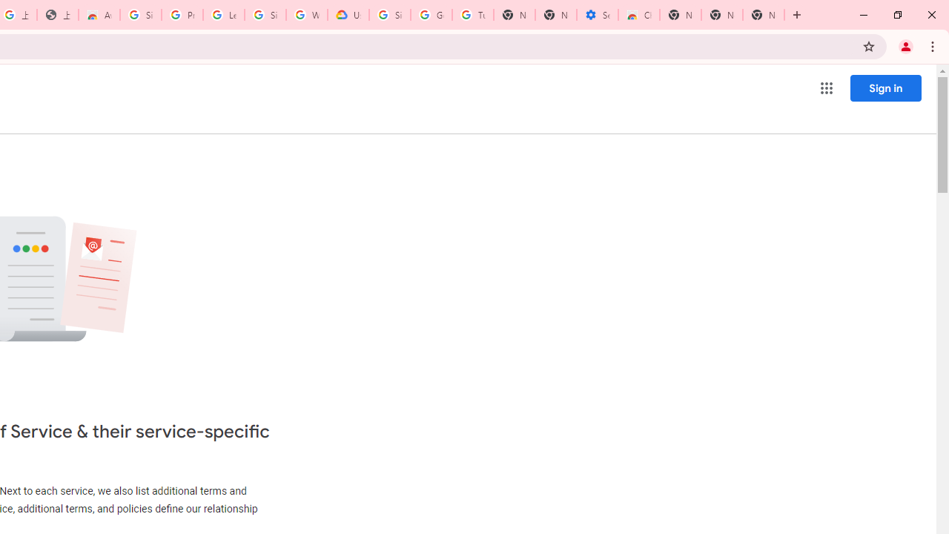  What do you see at coordinates (639, 15) in the screenshot?
I see `'Chrome Web Store - Accessibility extensions'` at bounding box center [639, 15].